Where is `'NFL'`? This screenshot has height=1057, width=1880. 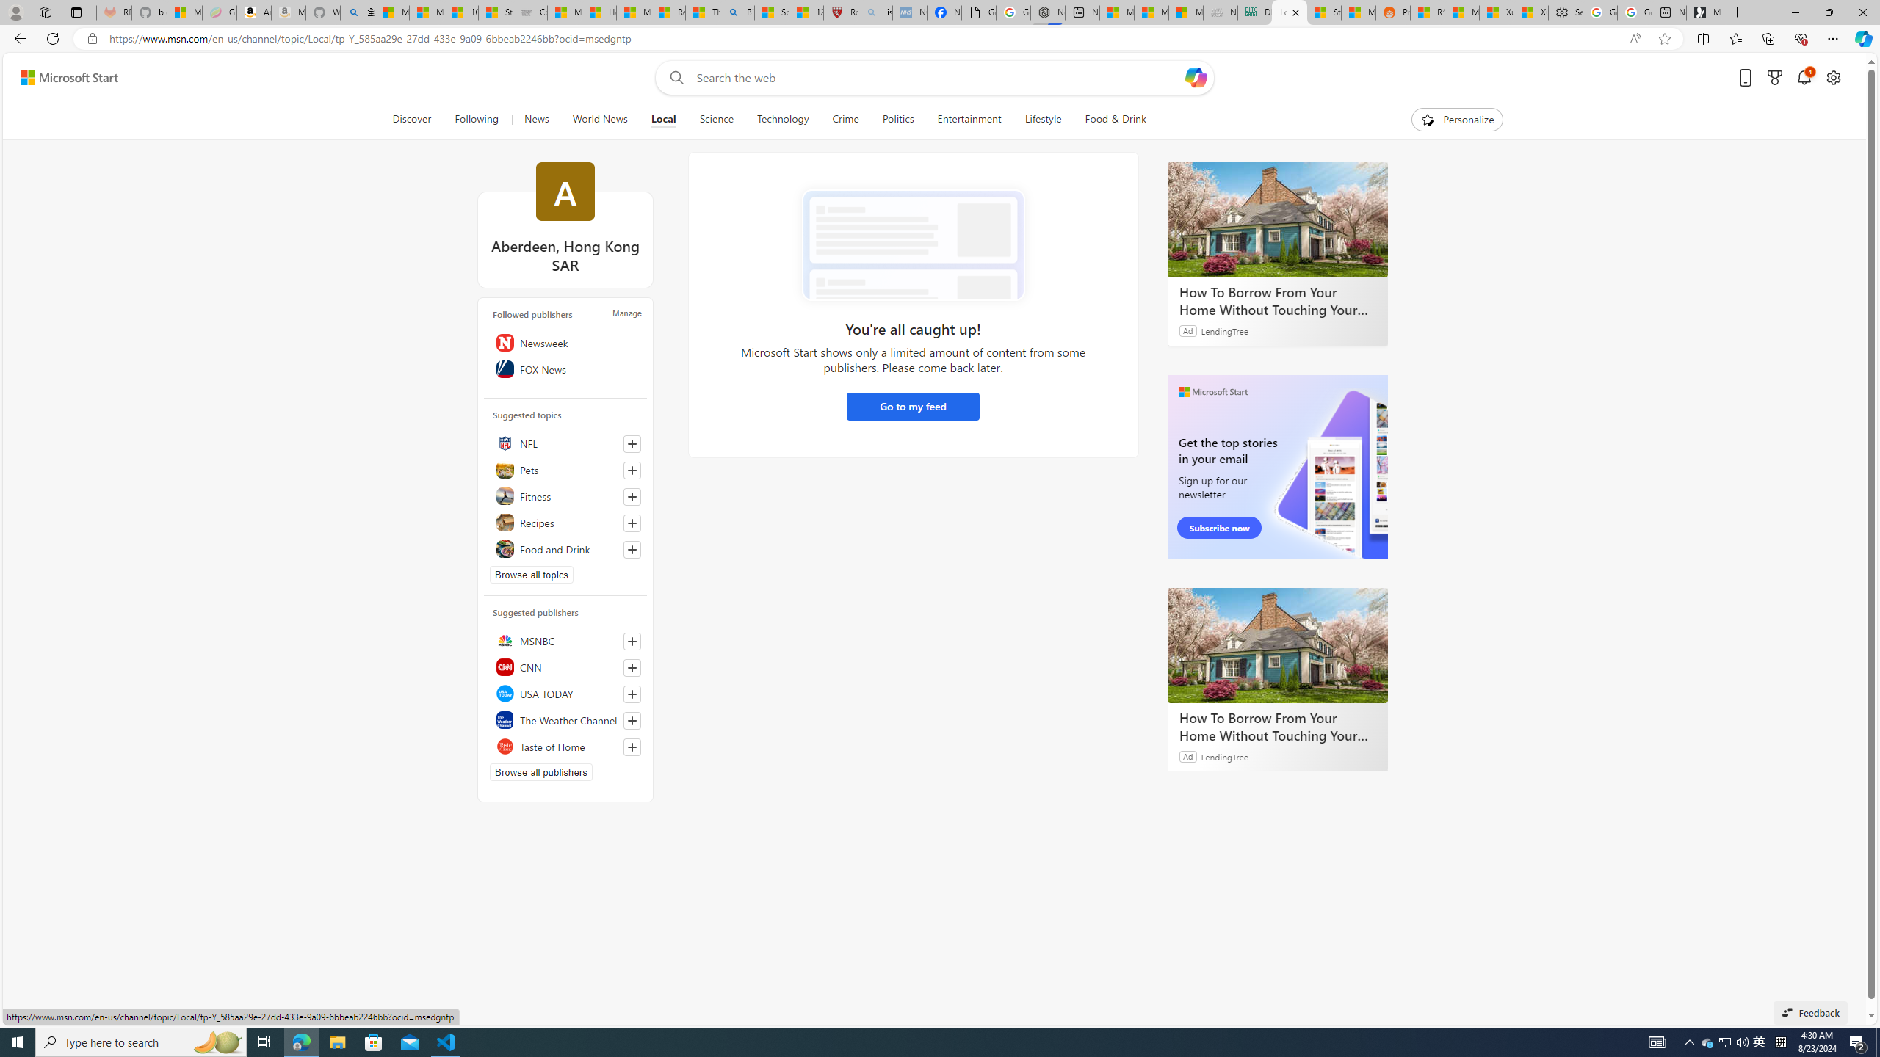
'NFL' is located at coordinates (565, 443).